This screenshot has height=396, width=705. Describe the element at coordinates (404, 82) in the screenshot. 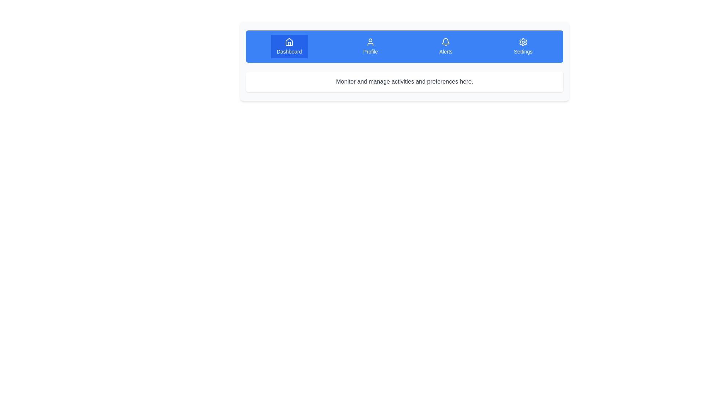

I see `the instructional Text label located centrally within a white, slightly rounded rectangular box, situated below a blue navigation bar` at that location.